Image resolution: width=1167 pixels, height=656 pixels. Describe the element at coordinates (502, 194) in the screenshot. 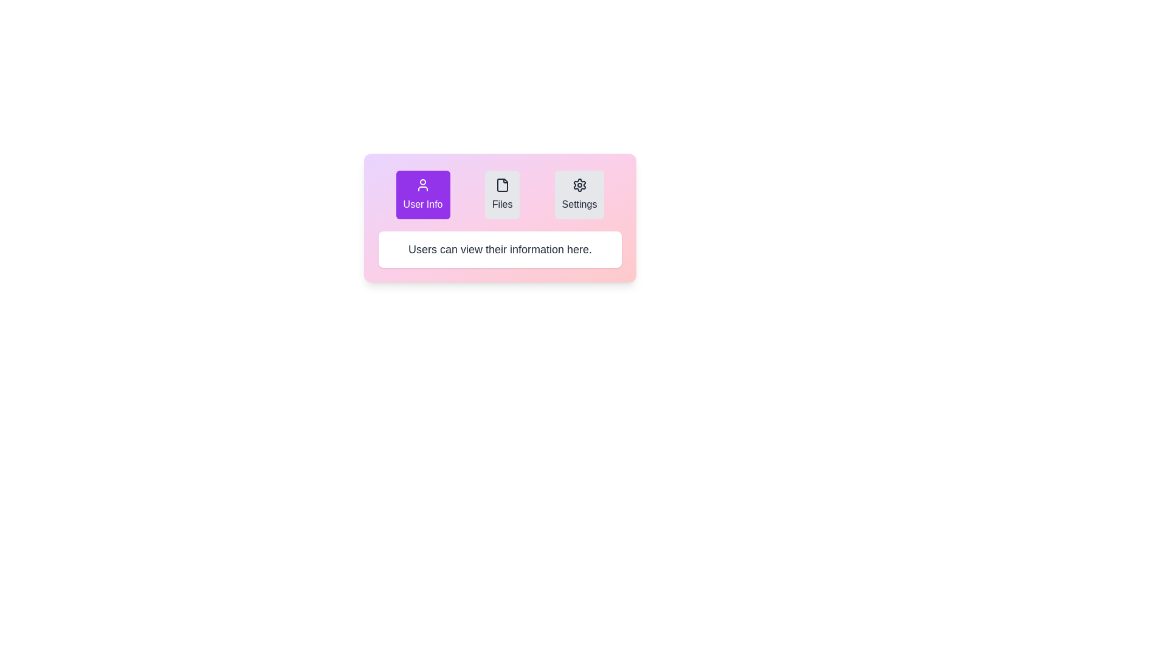

I see `the 'Files' button, which is a rectangular button with rounded corners, a muted gray background, dark gray text, and a document icon, to change its appearance` at that location.